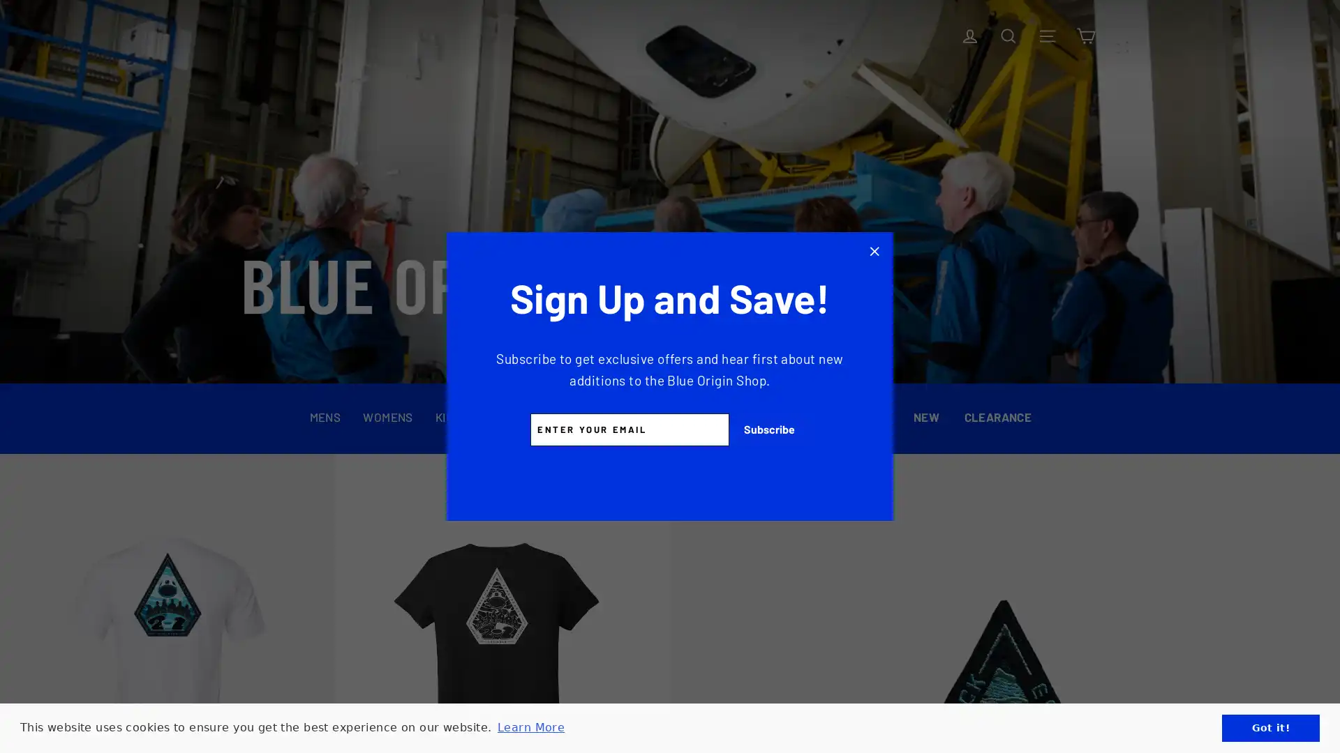  I want to click on Subscribe, so click(768, 429).